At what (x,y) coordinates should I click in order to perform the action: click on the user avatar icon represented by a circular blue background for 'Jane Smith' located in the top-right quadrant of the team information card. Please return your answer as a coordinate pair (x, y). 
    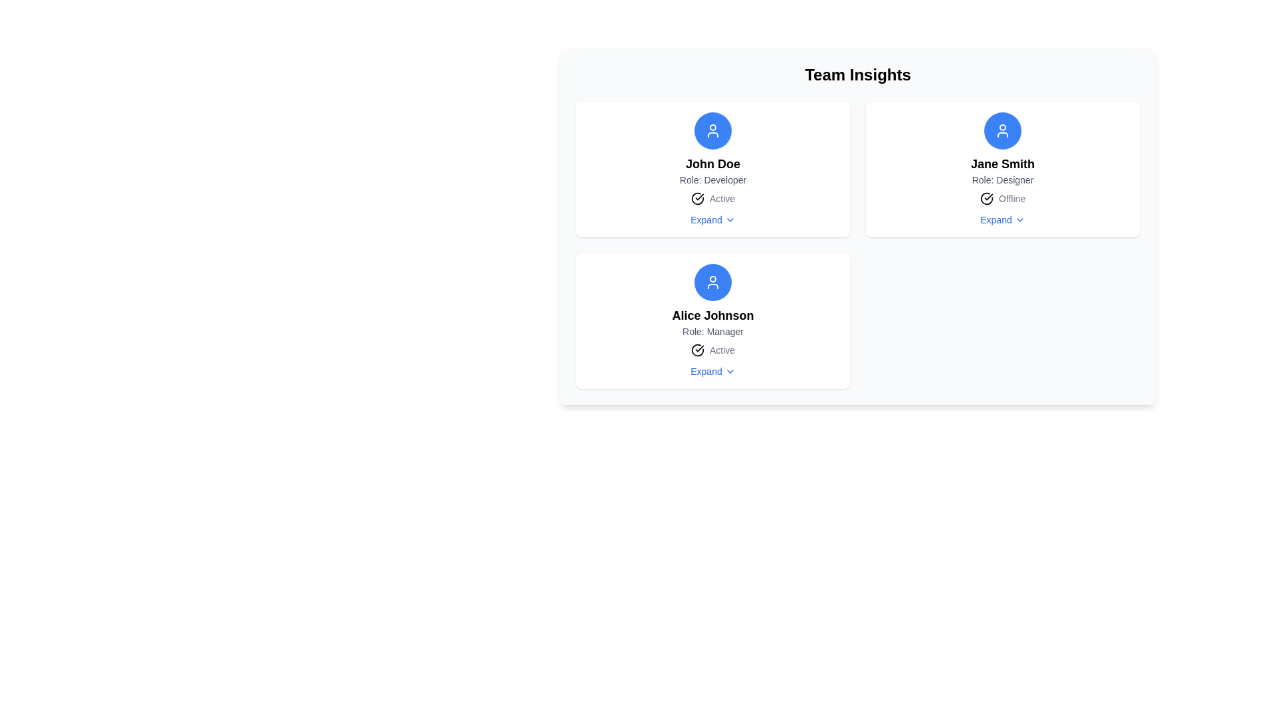
    Looking at the image, I should click on (1002, 130).